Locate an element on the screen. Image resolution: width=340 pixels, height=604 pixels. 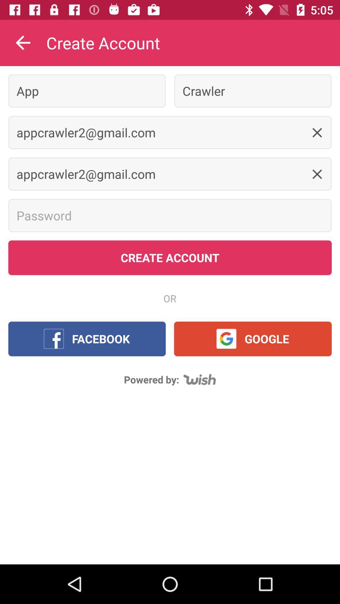
crawler icon is located at coordinates (252, 91).